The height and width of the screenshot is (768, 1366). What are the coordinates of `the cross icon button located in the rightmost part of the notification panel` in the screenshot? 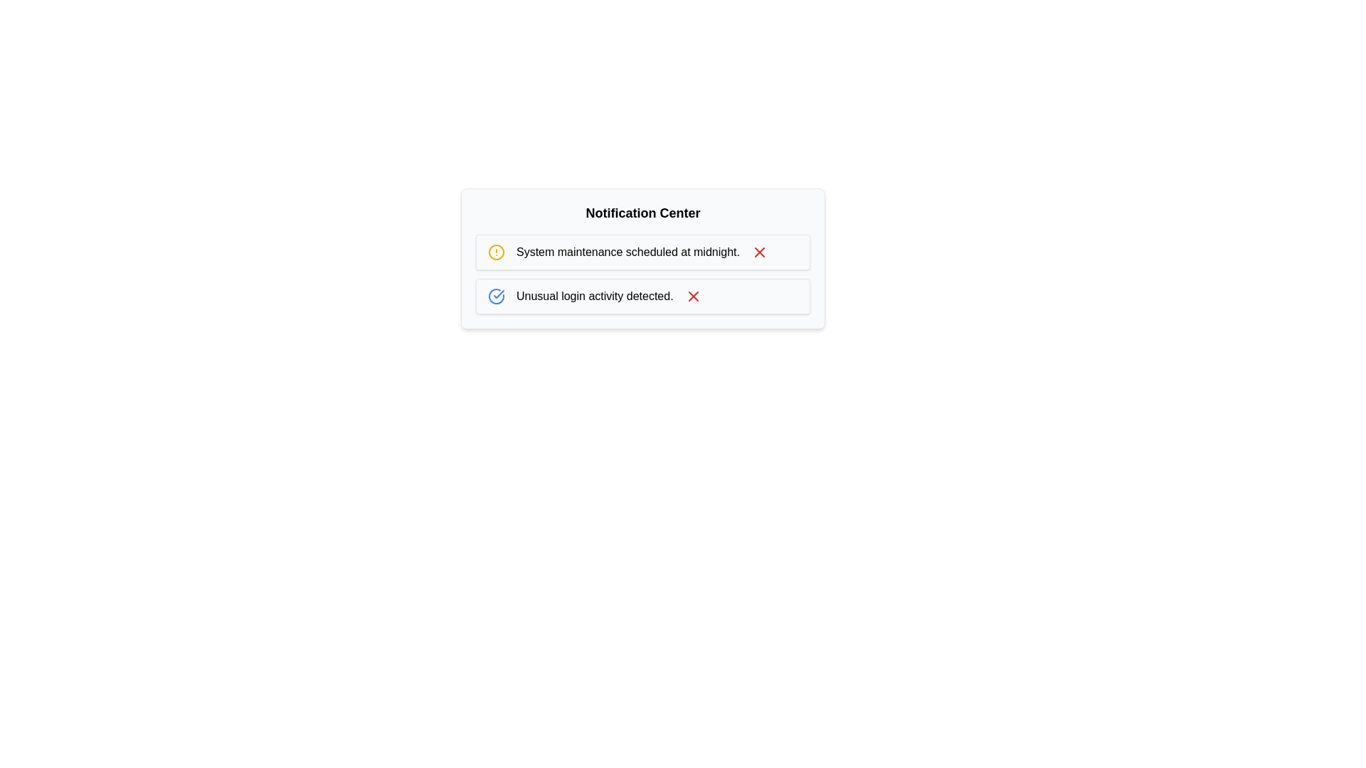 It's located at (693, 295).